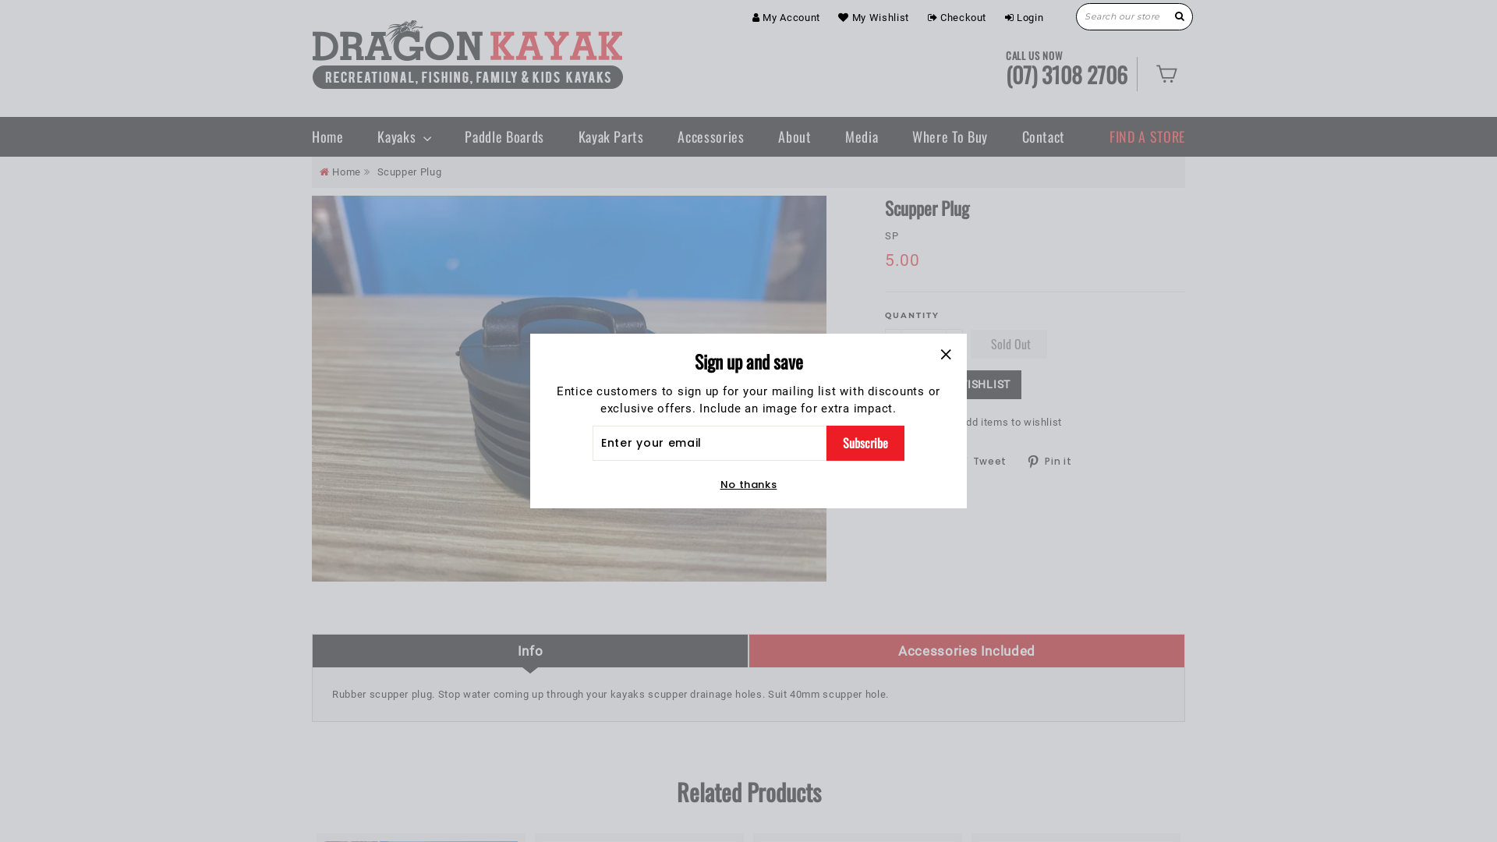  Describe the element at coordinates (710, 136) in the screenshot. I see `'Accessories'` at that location.